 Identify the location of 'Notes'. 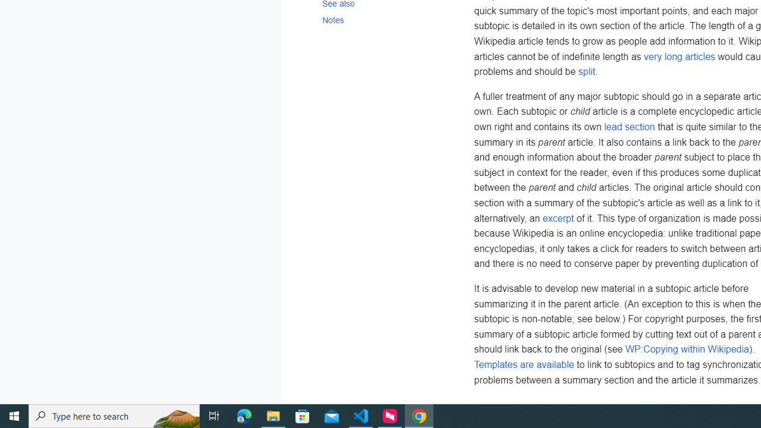
(386, 20).